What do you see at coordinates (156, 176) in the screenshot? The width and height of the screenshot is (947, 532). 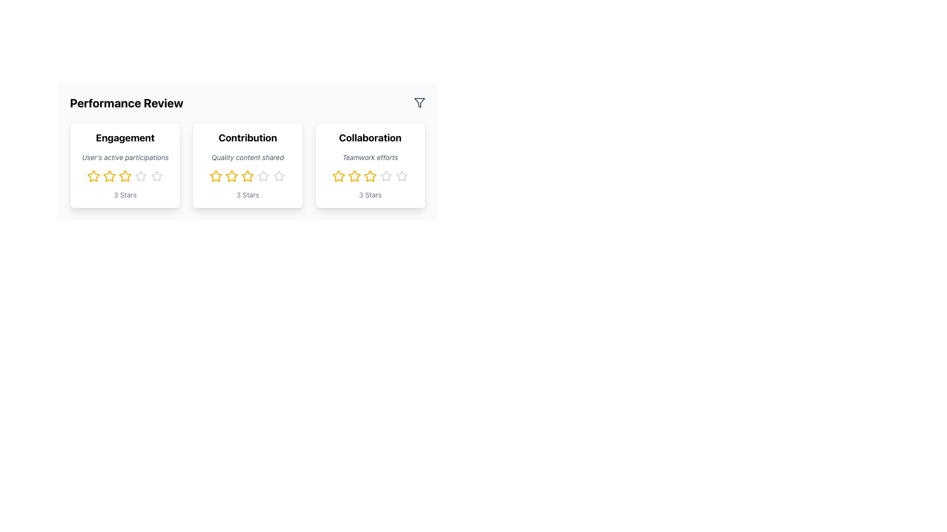 I see `the fourth star icon in the star rating component within the 'Engagement' card of the 'Performance Review' section` at bounding box center [156, 176].